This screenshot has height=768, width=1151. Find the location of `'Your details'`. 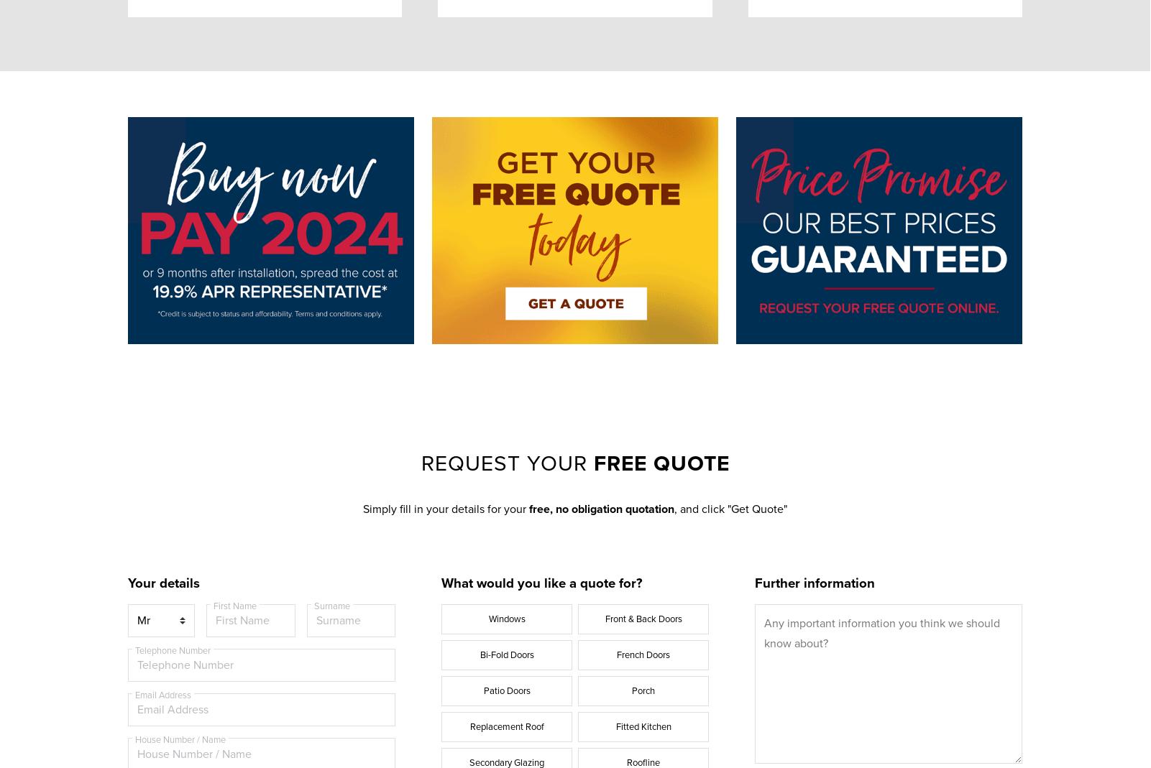

'Your details' is located at coordinates (163, 583).